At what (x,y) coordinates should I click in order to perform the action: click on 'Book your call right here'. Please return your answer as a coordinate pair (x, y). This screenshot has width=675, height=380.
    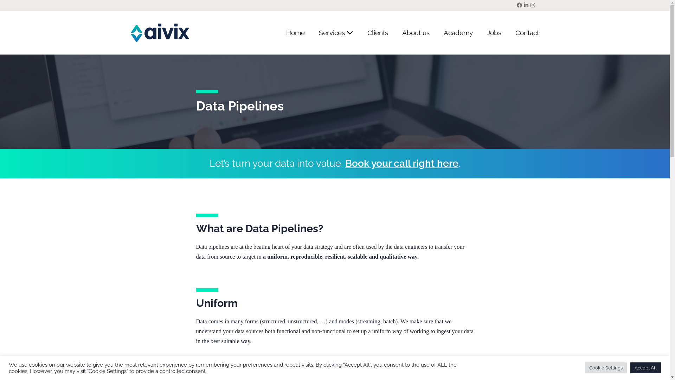
    Looking at the image, I should click on (345, 163).